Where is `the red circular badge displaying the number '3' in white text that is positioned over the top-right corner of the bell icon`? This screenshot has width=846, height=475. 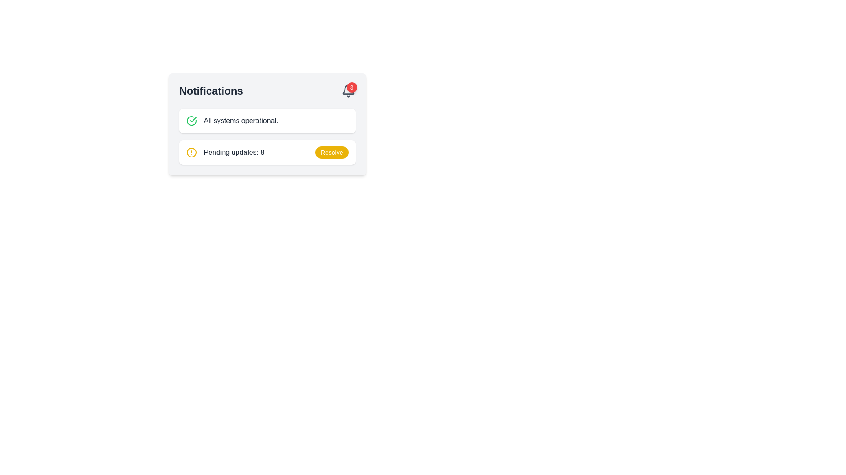 the red circular badge displaying the number '3' in white text that is positioned over the top-right corner of the bell icon is located at coordinates (348, 91).